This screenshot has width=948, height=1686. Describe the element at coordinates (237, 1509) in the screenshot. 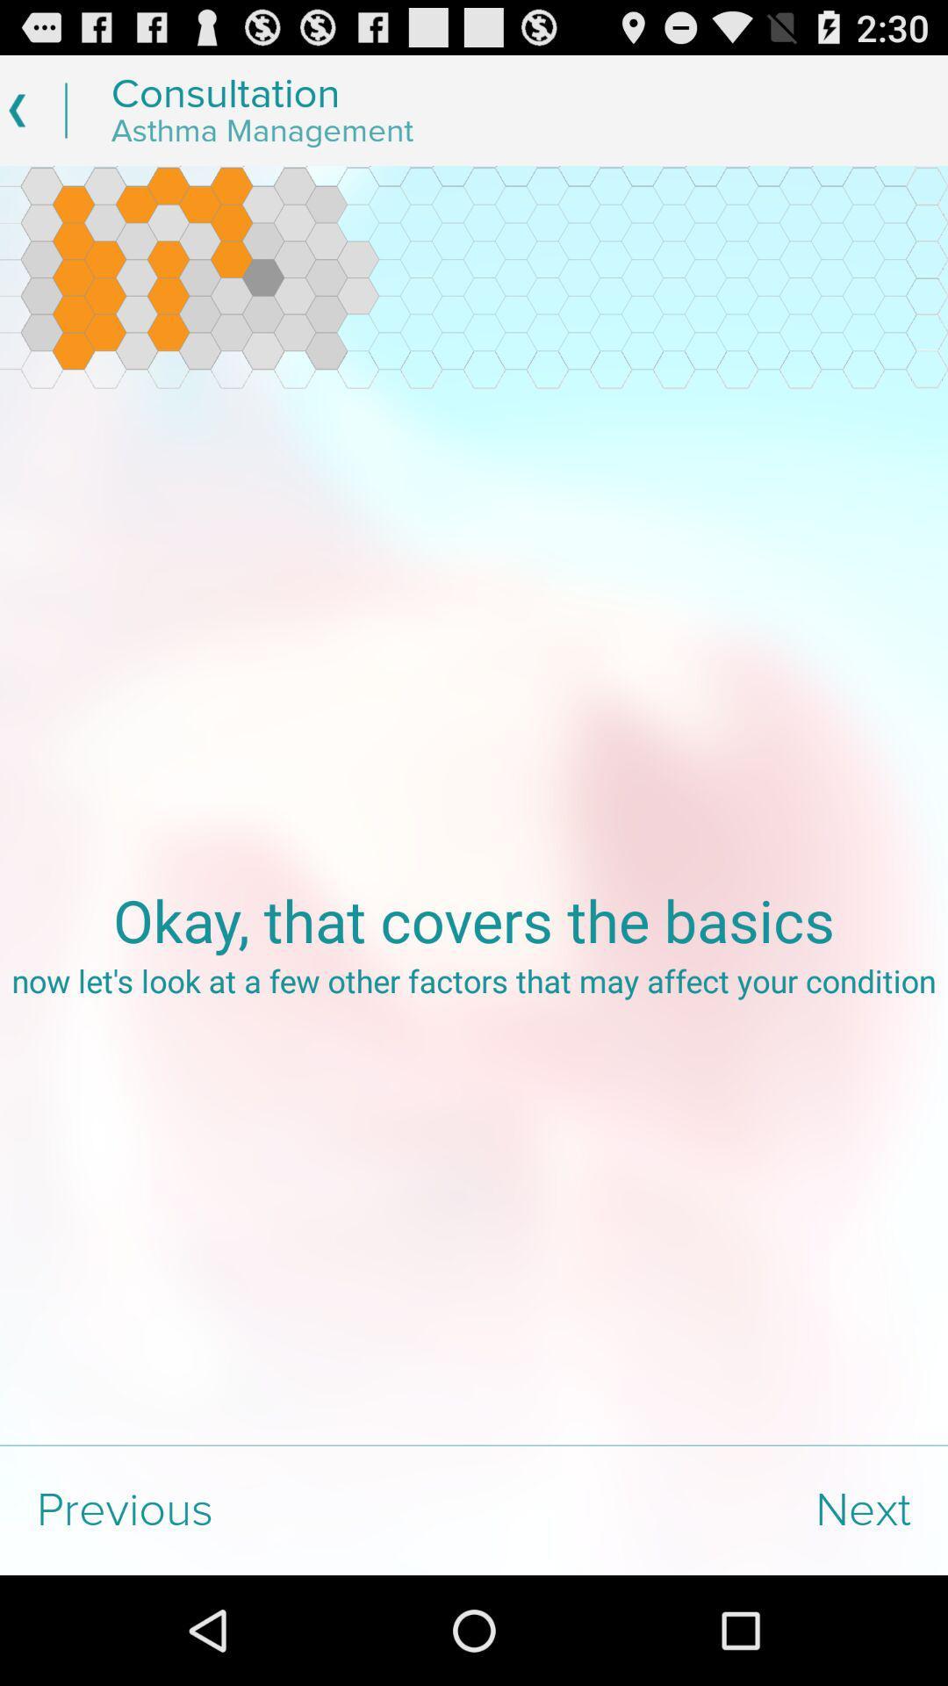

I see `the app to the left of next icon` at that location.